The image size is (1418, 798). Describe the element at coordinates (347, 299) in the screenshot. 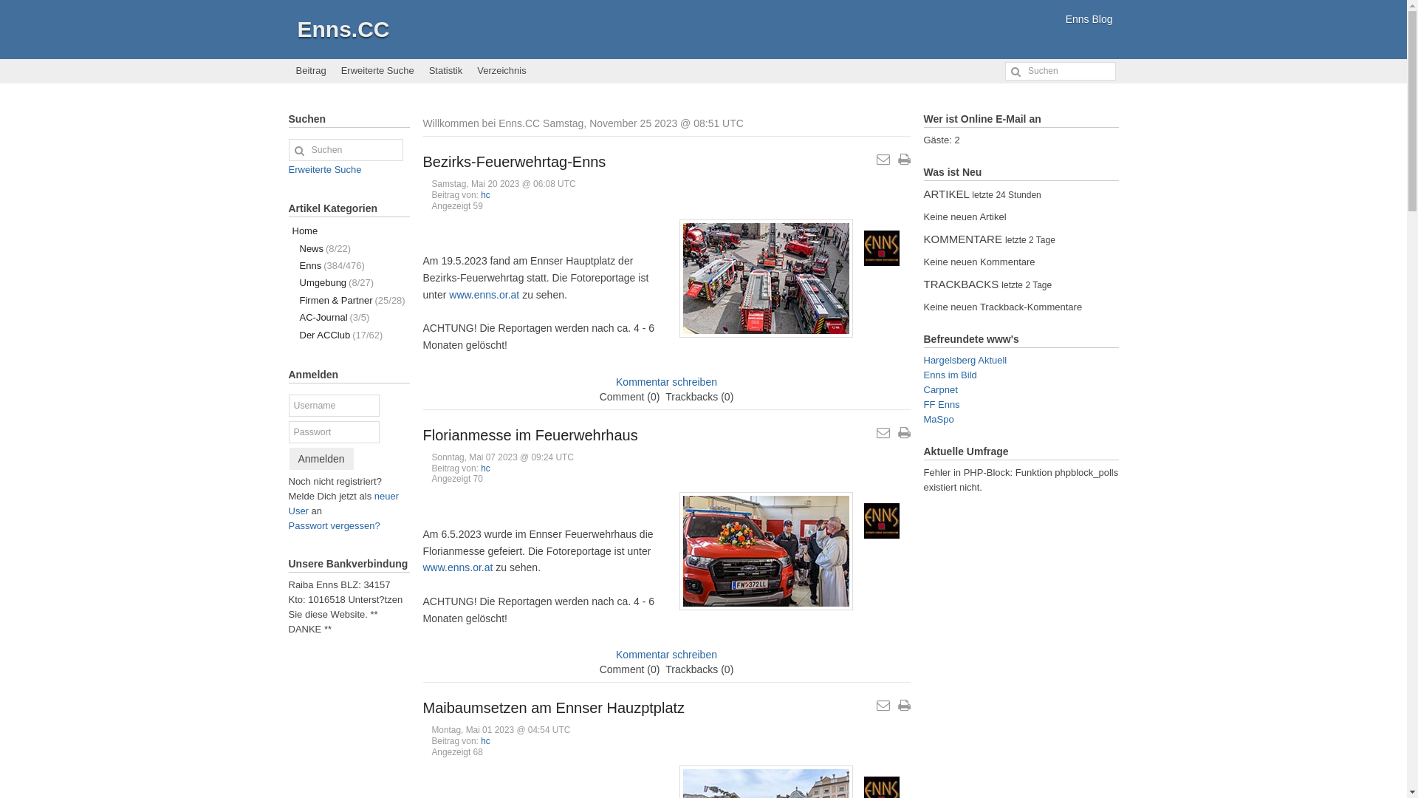

I see `'Firmen & Partner(25/28)'` at that location.